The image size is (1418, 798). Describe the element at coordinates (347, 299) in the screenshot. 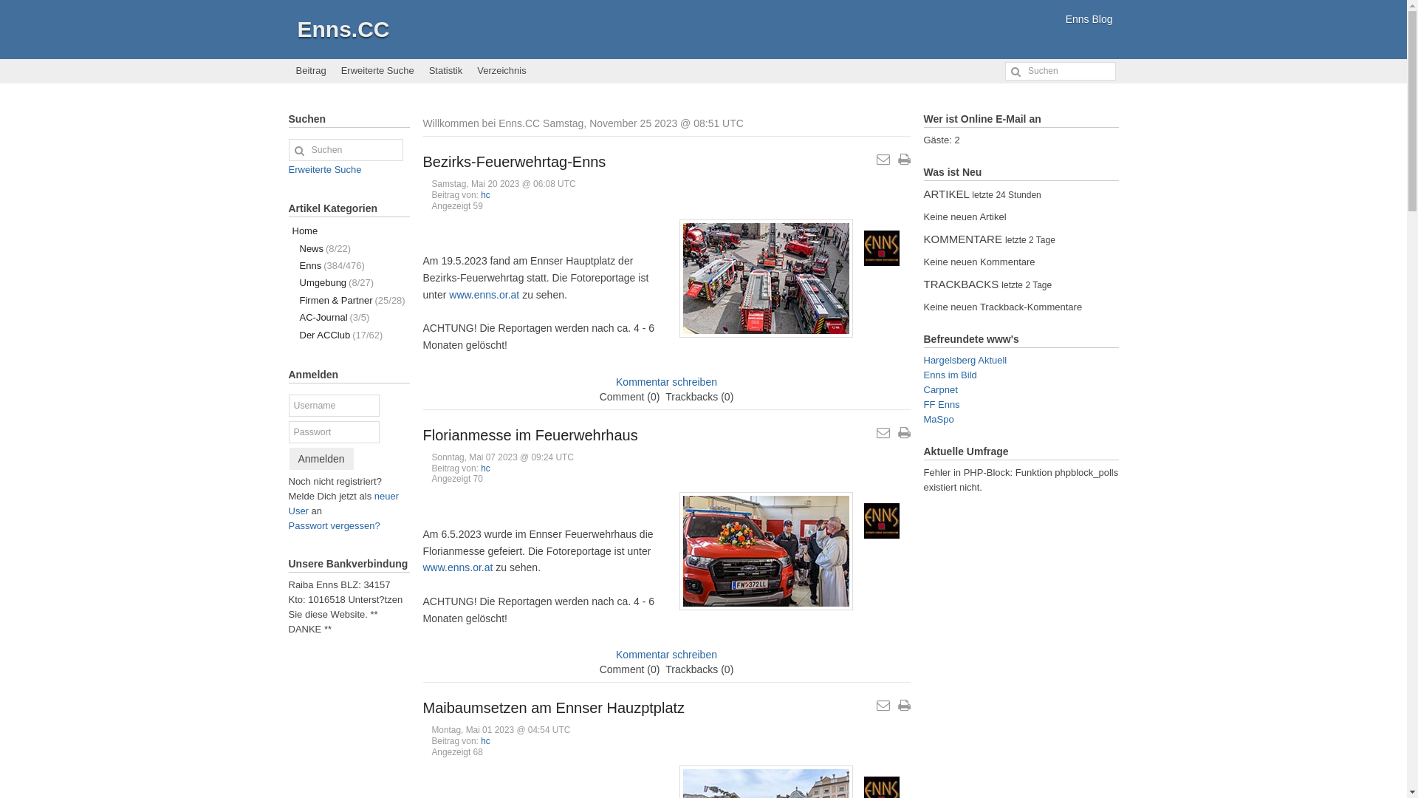

I see `'Firmen & Partner(25/28)'` at that location.